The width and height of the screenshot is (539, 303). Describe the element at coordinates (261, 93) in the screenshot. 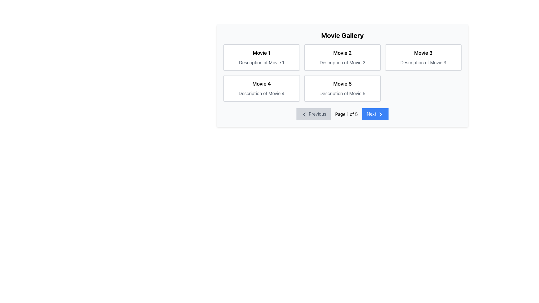

I see `grey text 'Description of Movie 4' which is located beneath the bold title 'Movie 4' within the white card in the bottom-left cell of a 2x3 grid layout` at that location.